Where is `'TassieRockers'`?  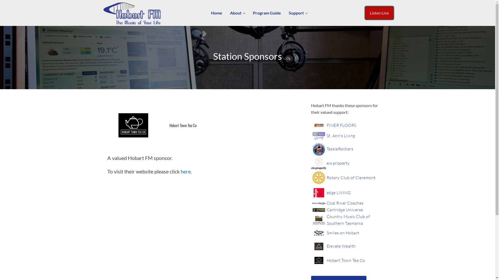 'TassieRockers' is located at coordinates (326, 149).